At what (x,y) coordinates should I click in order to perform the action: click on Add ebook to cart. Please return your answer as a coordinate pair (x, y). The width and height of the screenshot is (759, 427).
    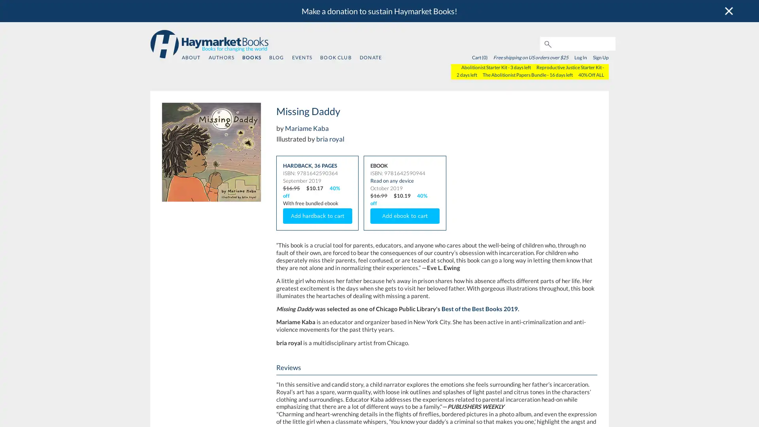
    Looking at the image, I should click on (405, 216).